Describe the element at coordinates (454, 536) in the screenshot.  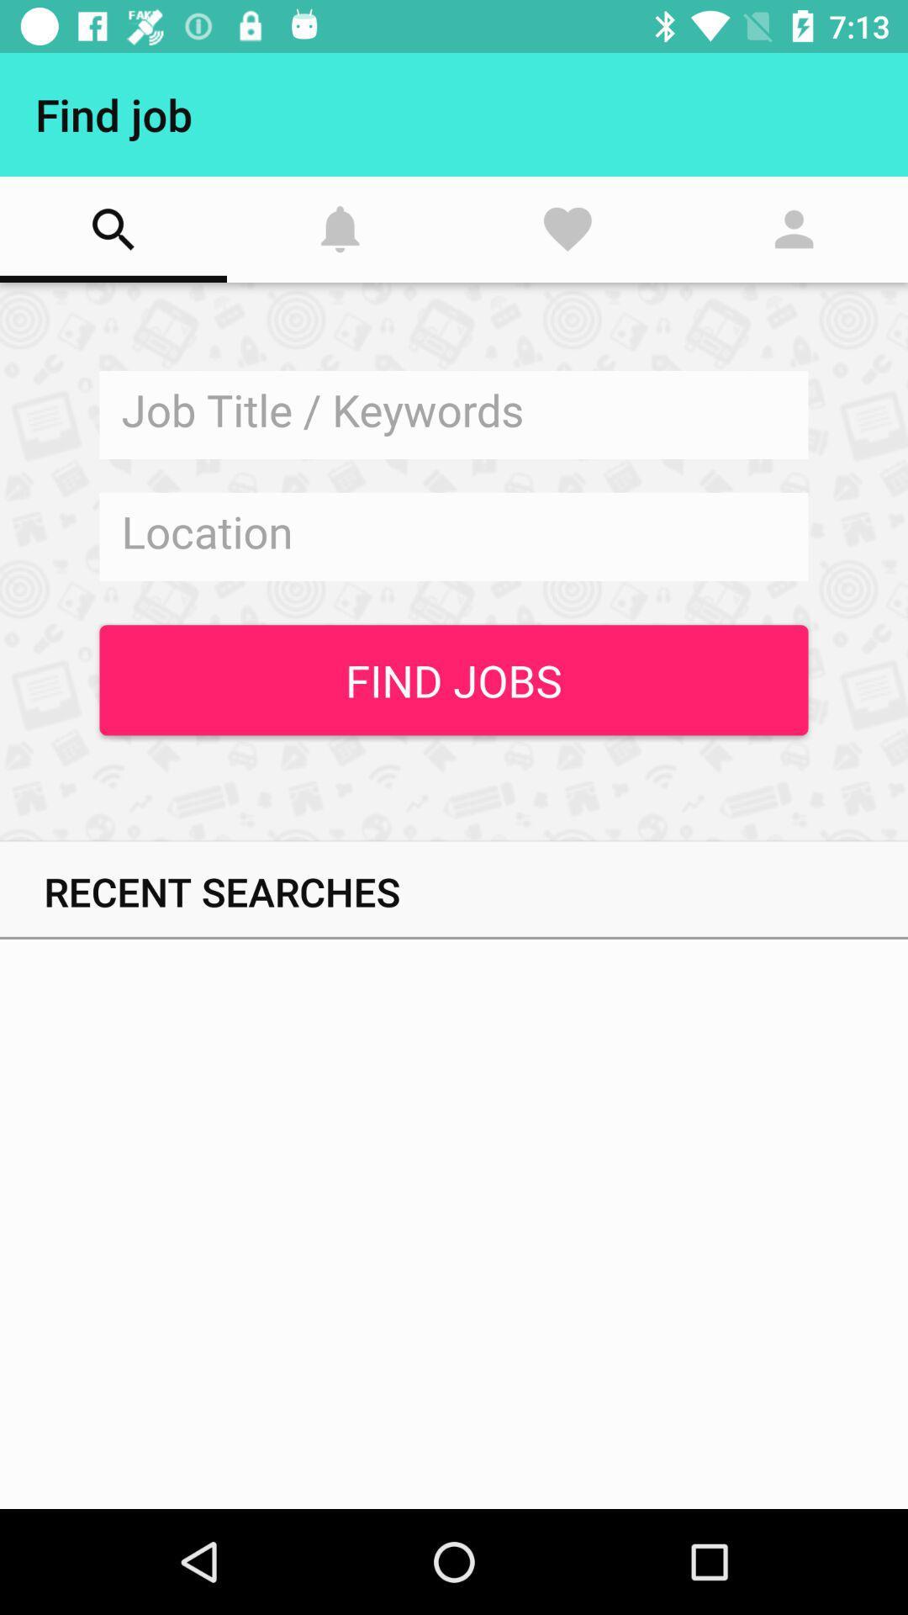
I see `location` at that location.